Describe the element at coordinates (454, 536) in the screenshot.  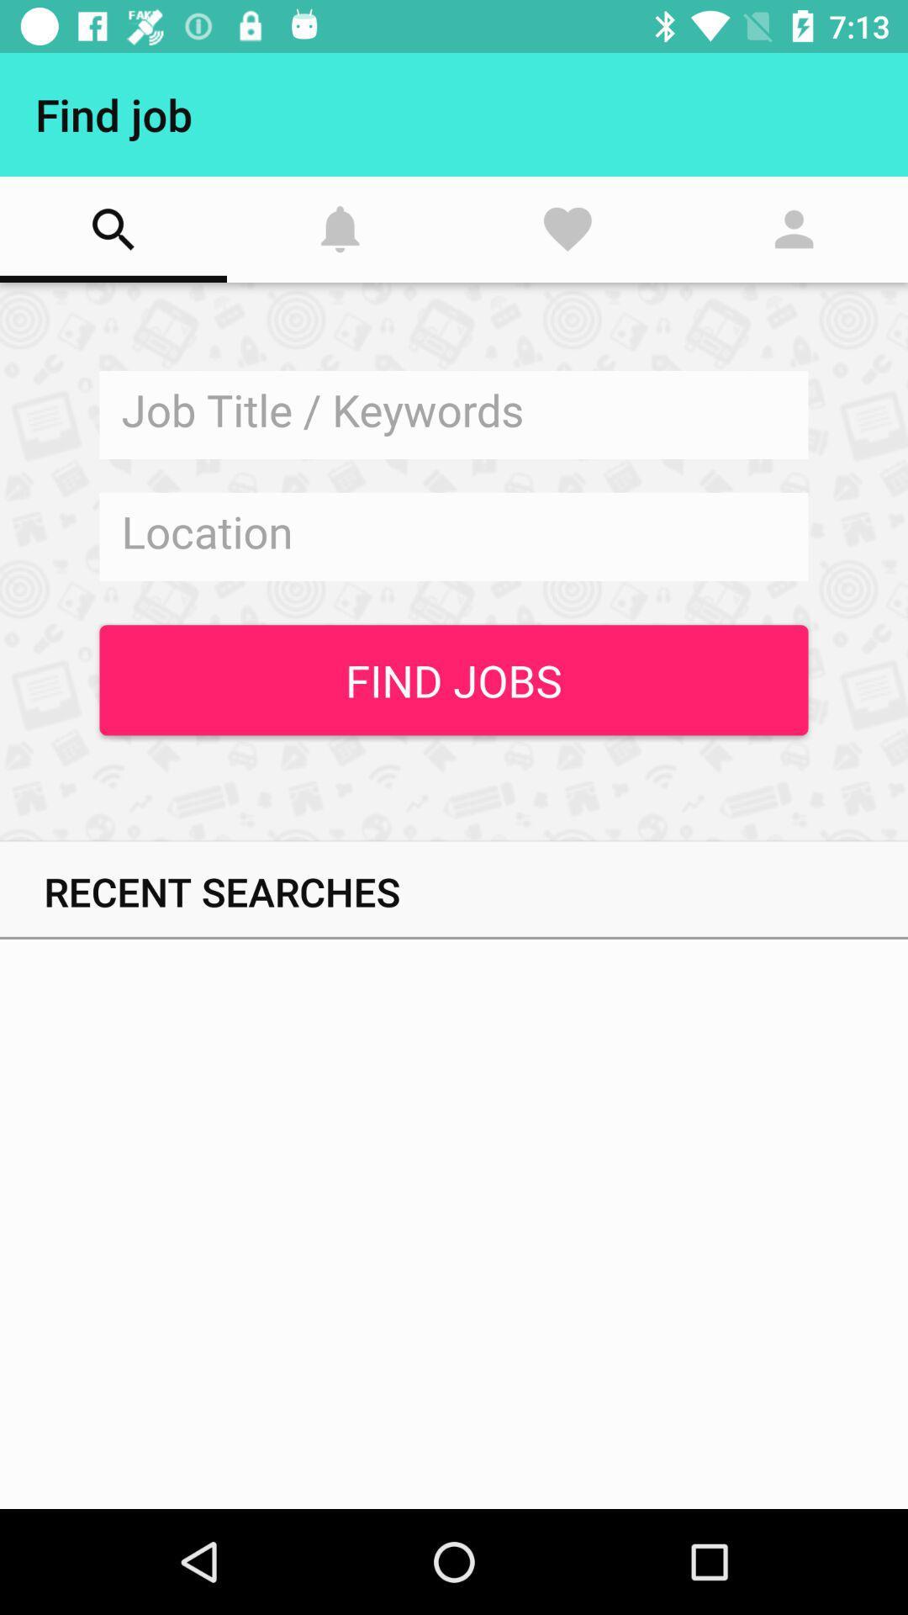
I see `location` at that location.